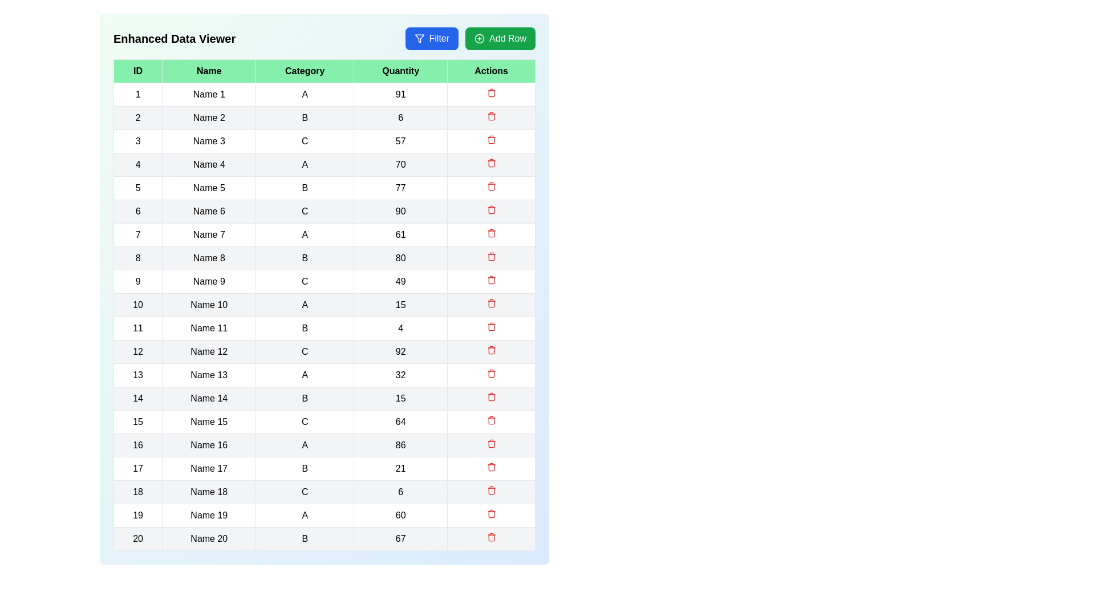 The height and width of the screenshot is (616, 1095). I want to click on the 'Filter' button to trigger the filtering functionality, so click(431, 38).